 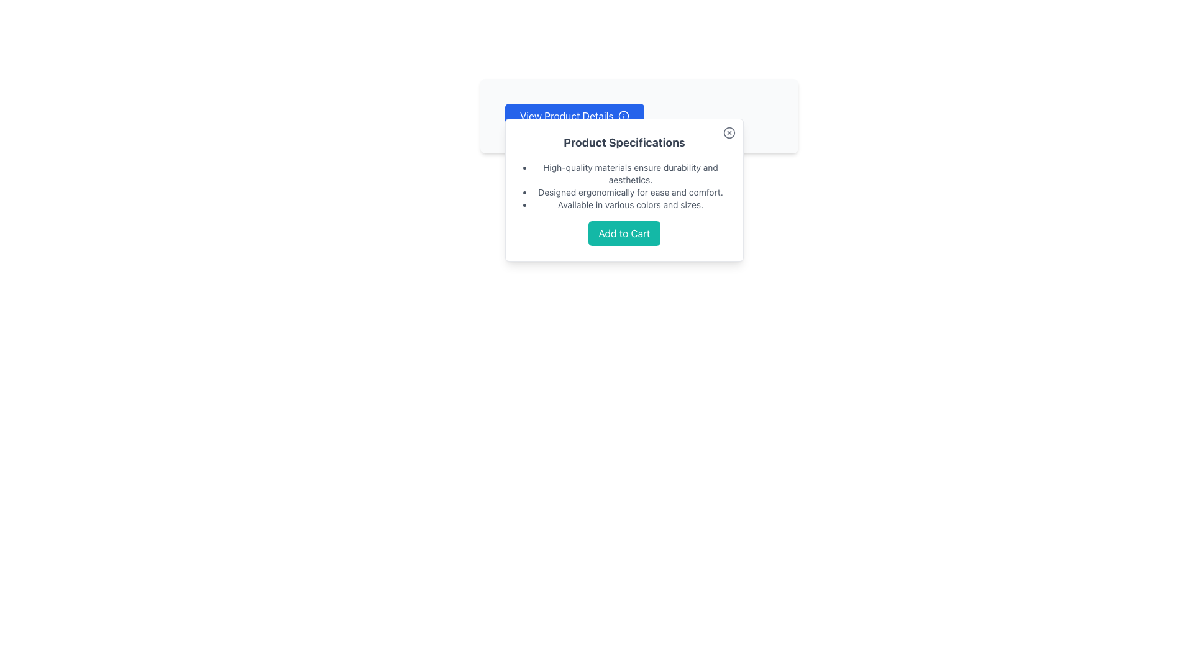 I want to click on the informational indicator icon located on the right side of the 'View Product Details' button, so click(x=624, y=116).